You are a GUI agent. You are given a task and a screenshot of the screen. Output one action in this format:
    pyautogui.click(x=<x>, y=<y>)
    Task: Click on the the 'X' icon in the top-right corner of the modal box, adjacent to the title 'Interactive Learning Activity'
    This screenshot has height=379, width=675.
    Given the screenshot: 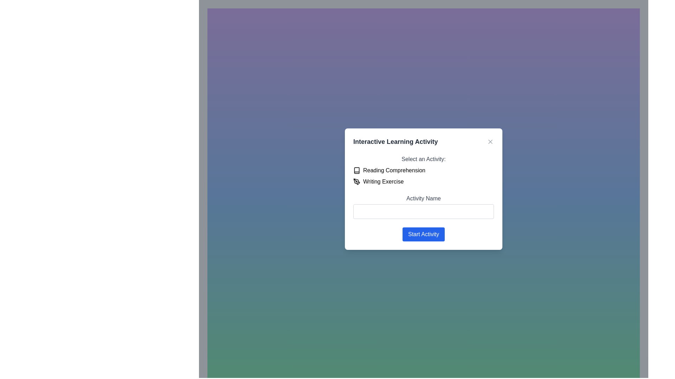 What is the action you would take?
    pyautogui.click(x=490, y=141)
    